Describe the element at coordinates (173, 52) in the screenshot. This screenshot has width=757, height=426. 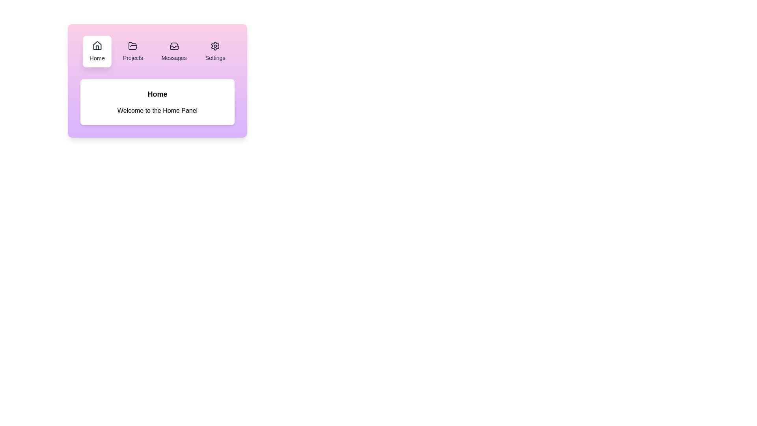
I see `the 'Messages' button, which features an inbox icon and a text label, to activate the hover effect` at that location.